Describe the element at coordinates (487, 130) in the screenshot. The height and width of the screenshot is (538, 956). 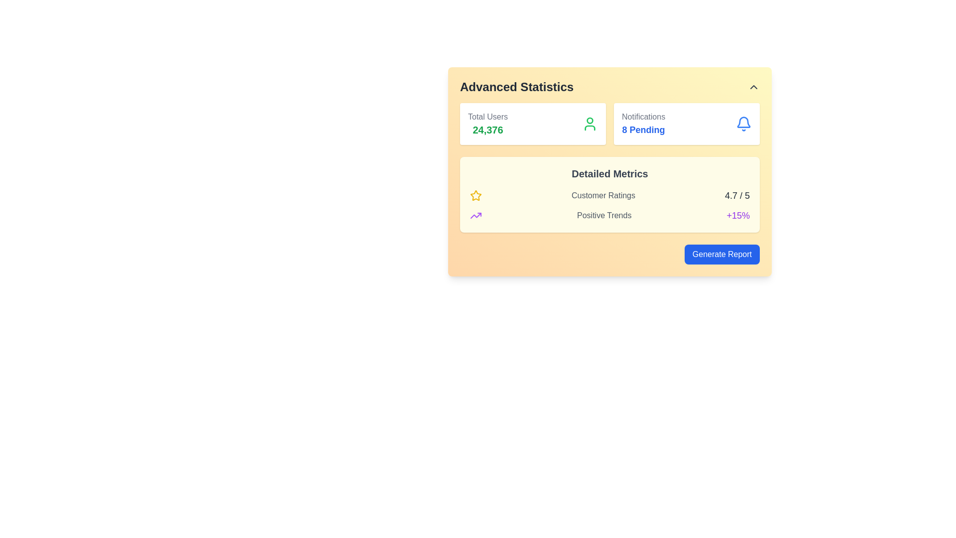
I see `the Text label displaying '24,376' in bold green styling, located under the 'Total Users' label on the right-hand side panel` at that location.